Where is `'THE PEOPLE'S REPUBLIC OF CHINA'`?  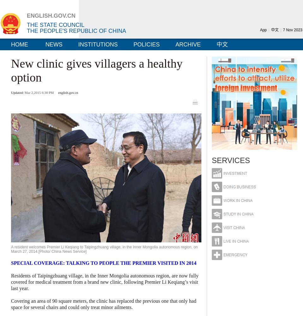
'THE PEOPLE'S REPUBLIC OF CHINA' is located at coordinates (76, 31).